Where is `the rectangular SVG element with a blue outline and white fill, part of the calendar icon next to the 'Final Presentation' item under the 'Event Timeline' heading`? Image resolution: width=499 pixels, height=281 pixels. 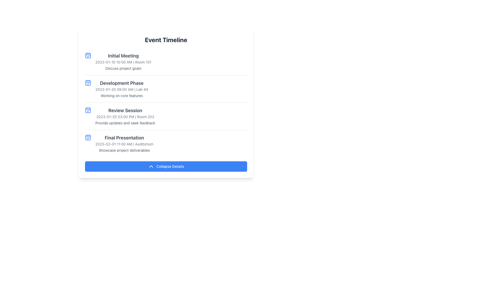
the rectangular SVG element with a blue outline and white fill, part of the calendar icon next to the 'Final Presentation' item under the 'Event Timeline' heading is located at coordinates (88, 137).